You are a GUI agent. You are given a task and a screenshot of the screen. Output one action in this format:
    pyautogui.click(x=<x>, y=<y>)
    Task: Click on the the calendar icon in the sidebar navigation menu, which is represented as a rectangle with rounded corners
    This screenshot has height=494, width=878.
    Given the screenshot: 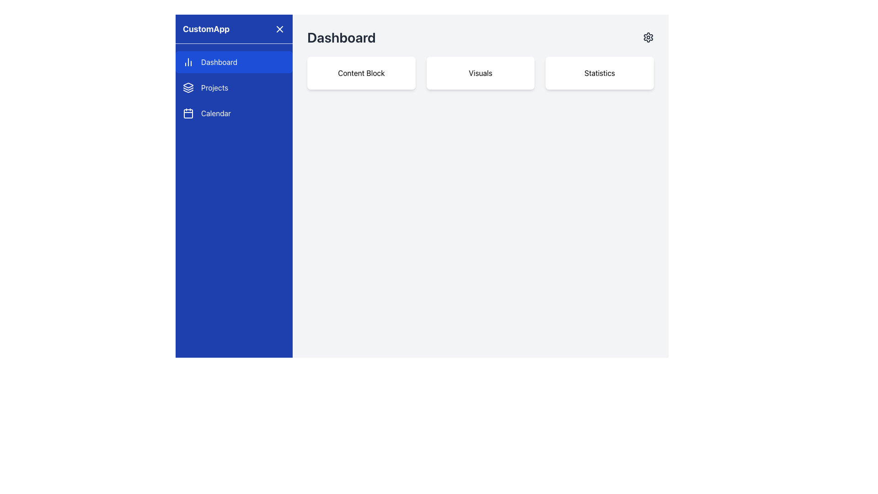 What is the action you would take?
    pyautogui.click(x=188, y=113)
    